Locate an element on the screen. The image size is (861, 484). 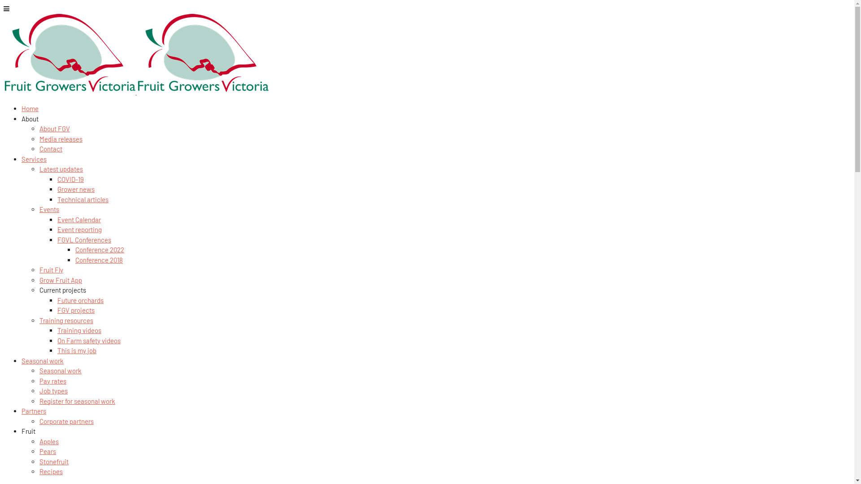
'Technical articles' is located at coordinates (83, 199).